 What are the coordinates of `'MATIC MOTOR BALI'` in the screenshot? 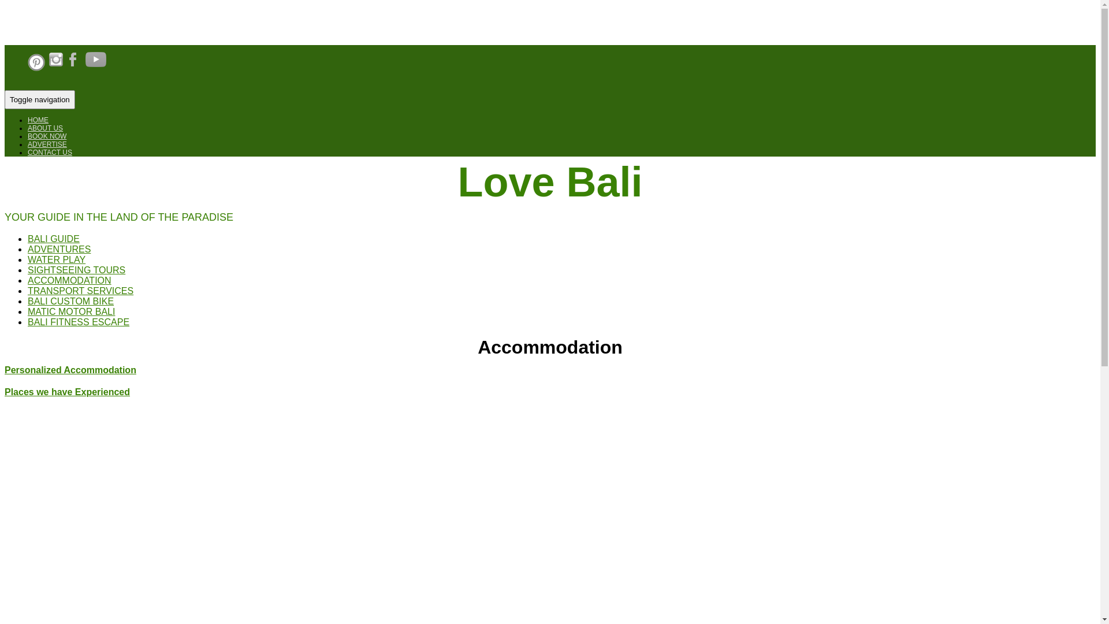 It's located at (70, 311).